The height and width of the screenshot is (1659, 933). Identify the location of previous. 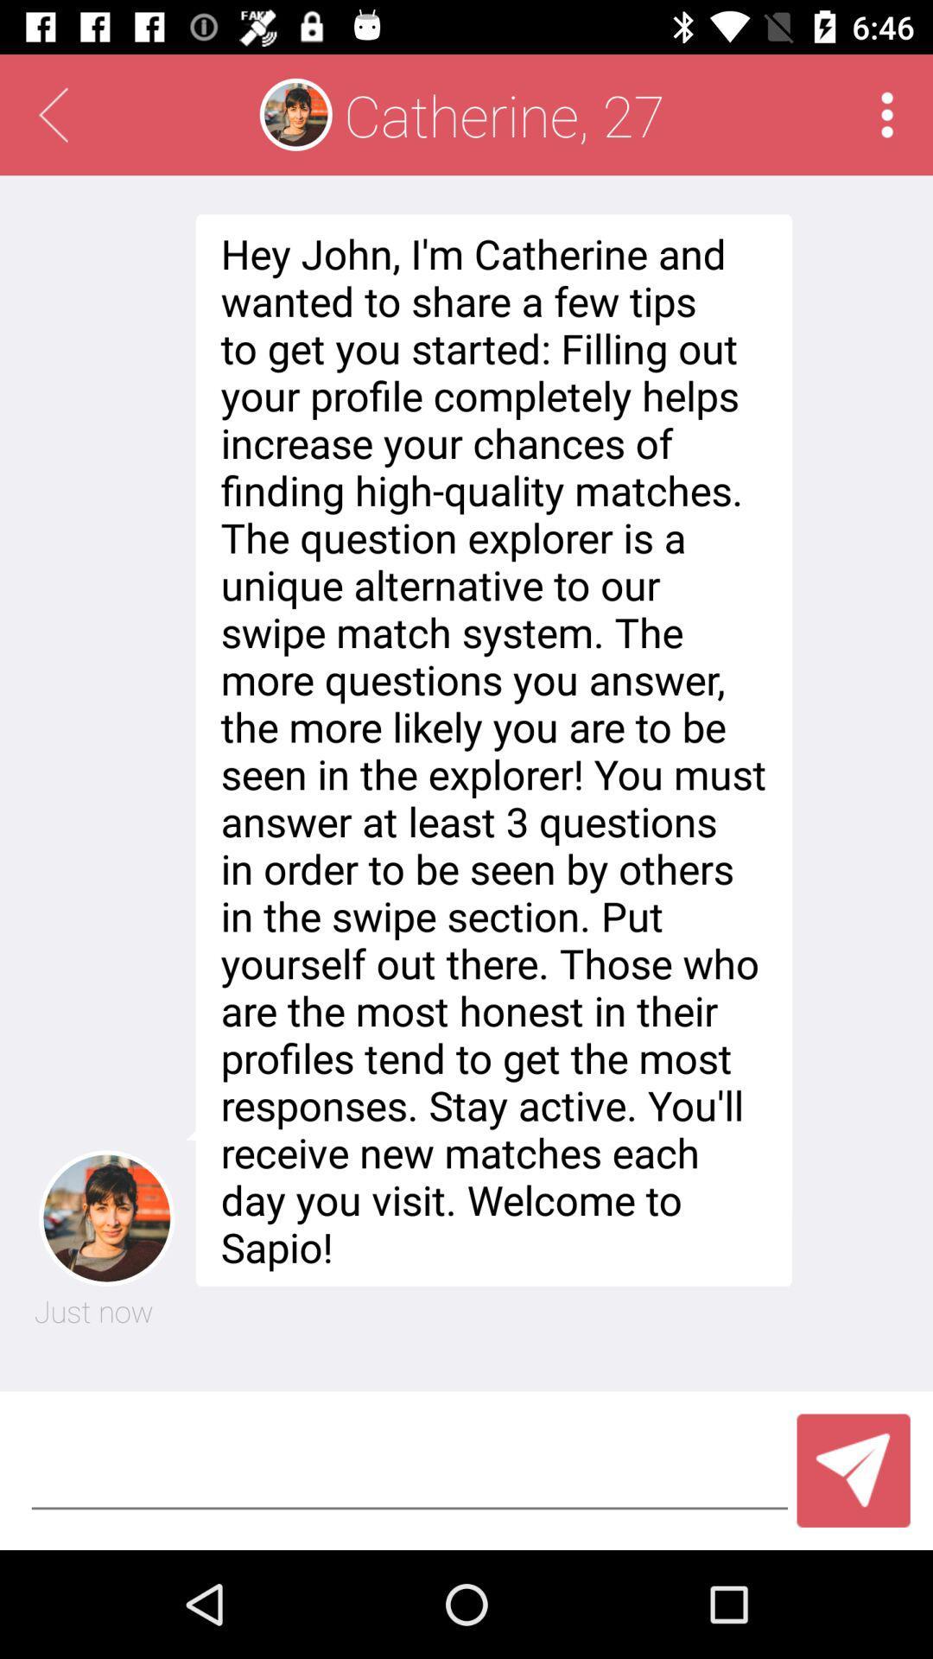
(52, 114).